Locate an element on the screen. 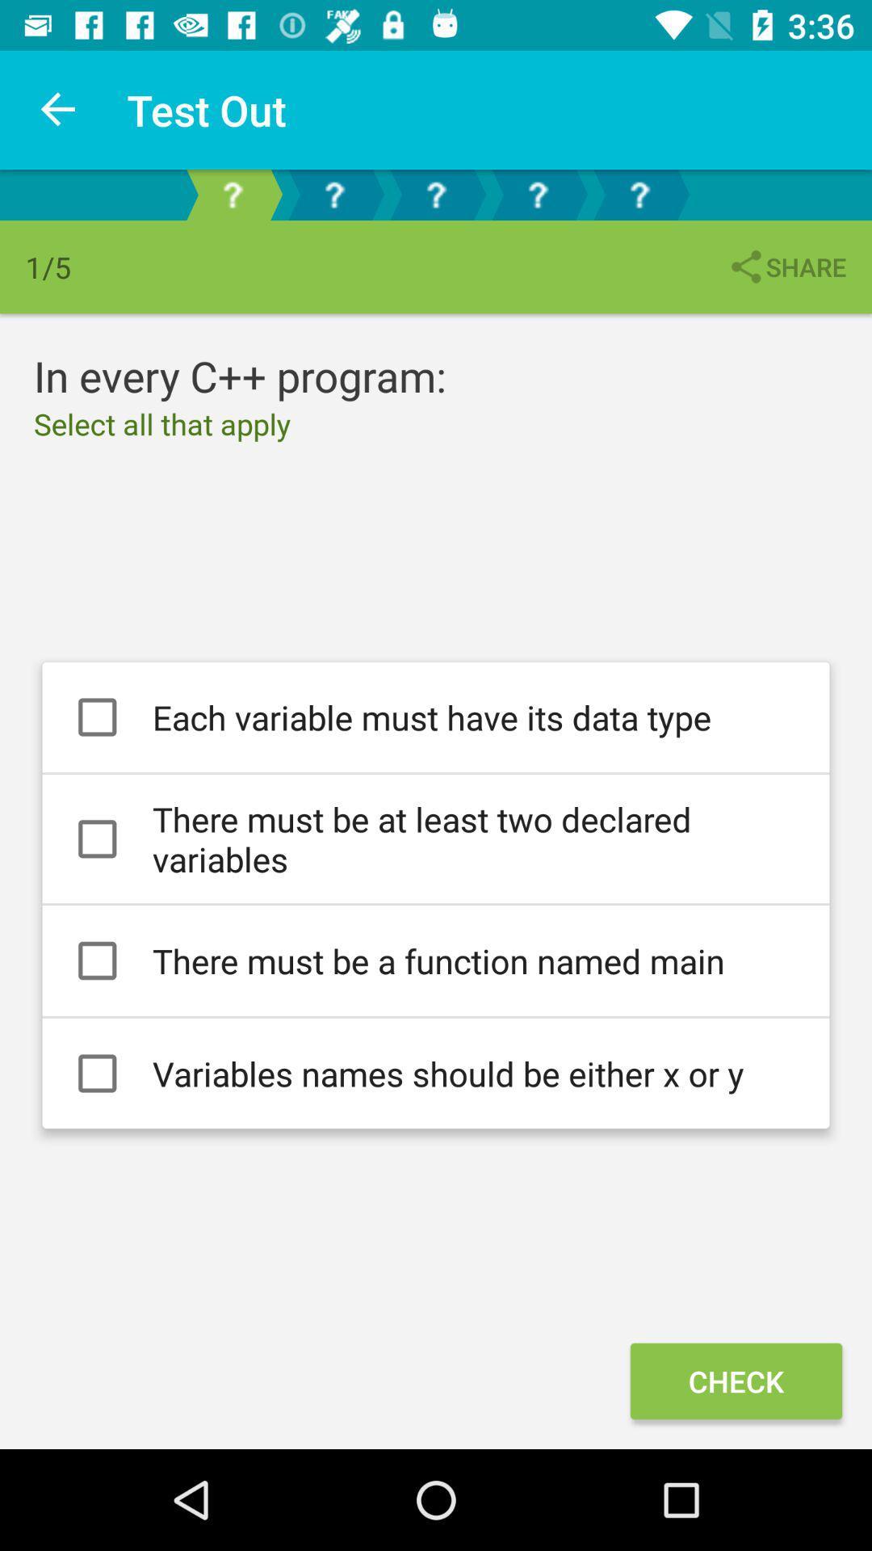 Image resolution: width=872 pixels, height=1551 pixels. item above 1/5 icon is located at coordinates (58, 109).